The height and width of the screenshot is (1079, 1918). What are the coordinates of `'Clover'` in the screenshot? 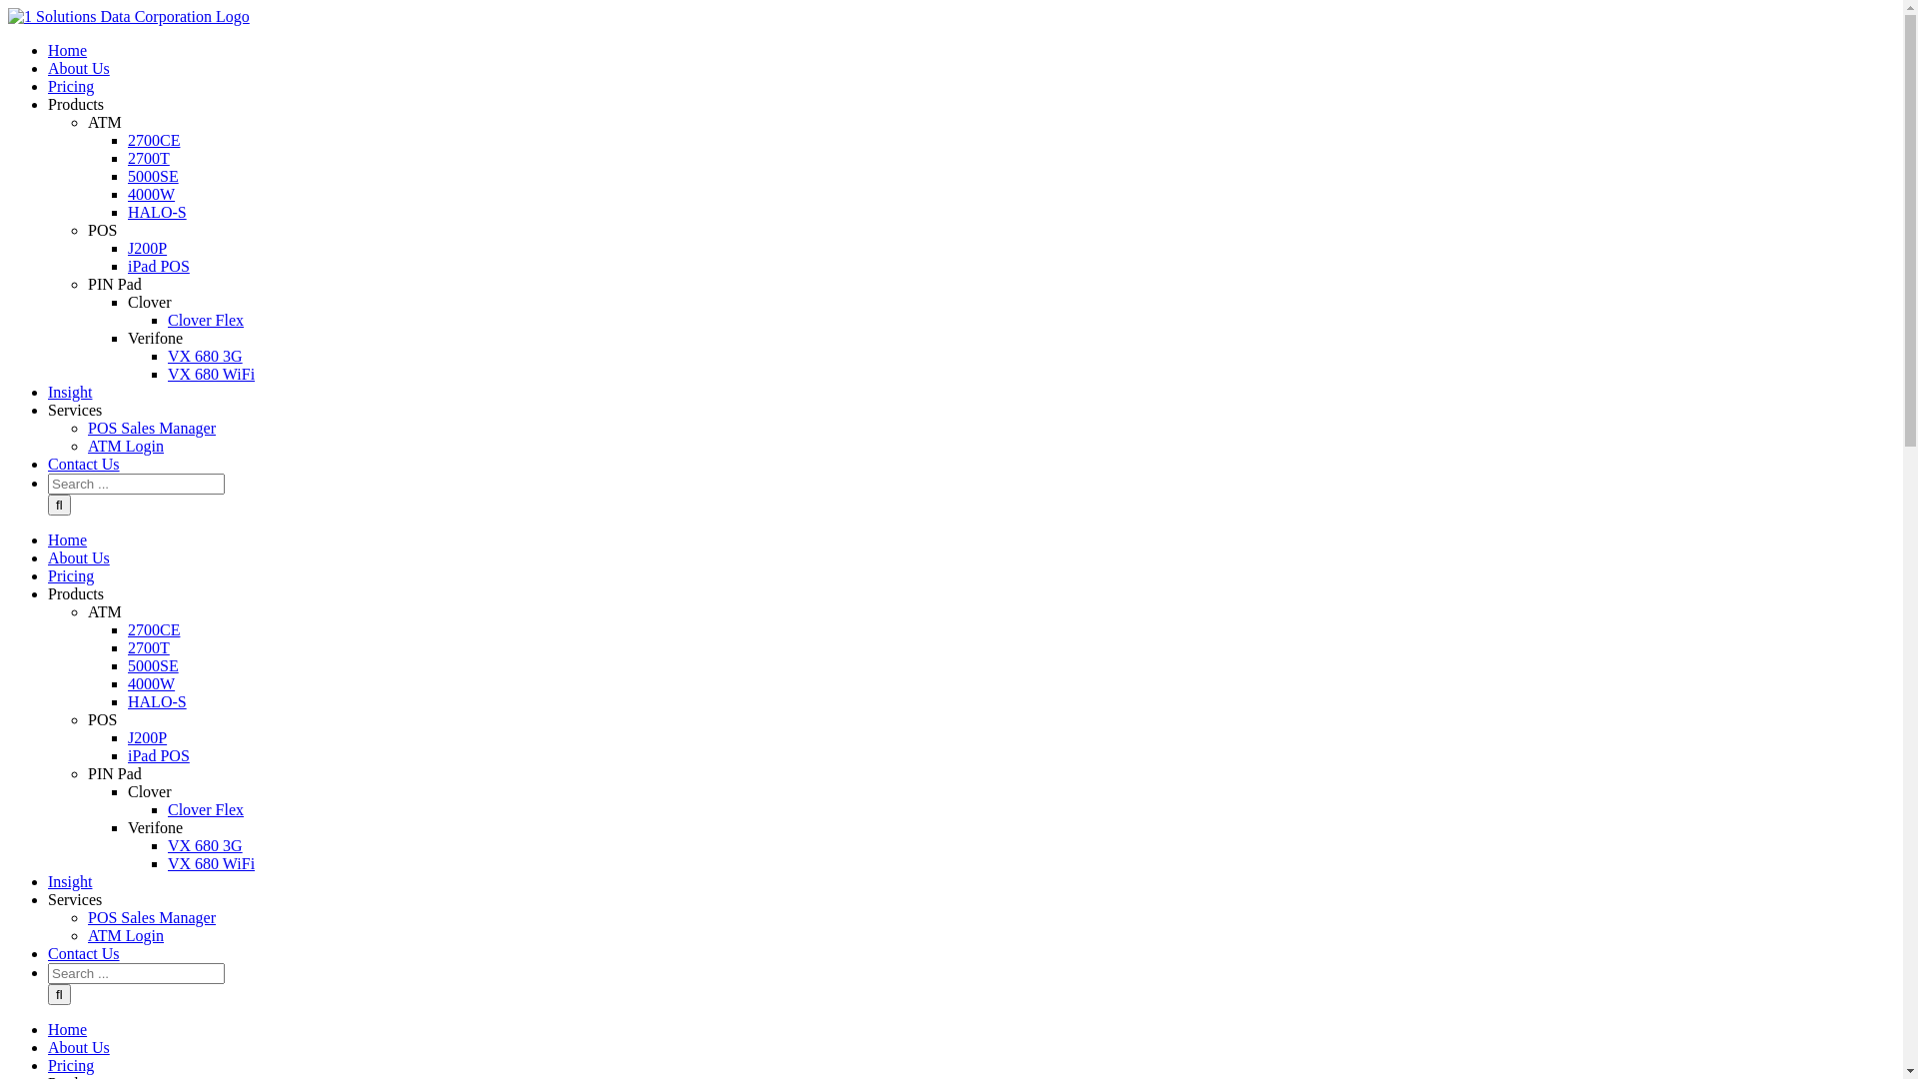 It's located at (127, 790).